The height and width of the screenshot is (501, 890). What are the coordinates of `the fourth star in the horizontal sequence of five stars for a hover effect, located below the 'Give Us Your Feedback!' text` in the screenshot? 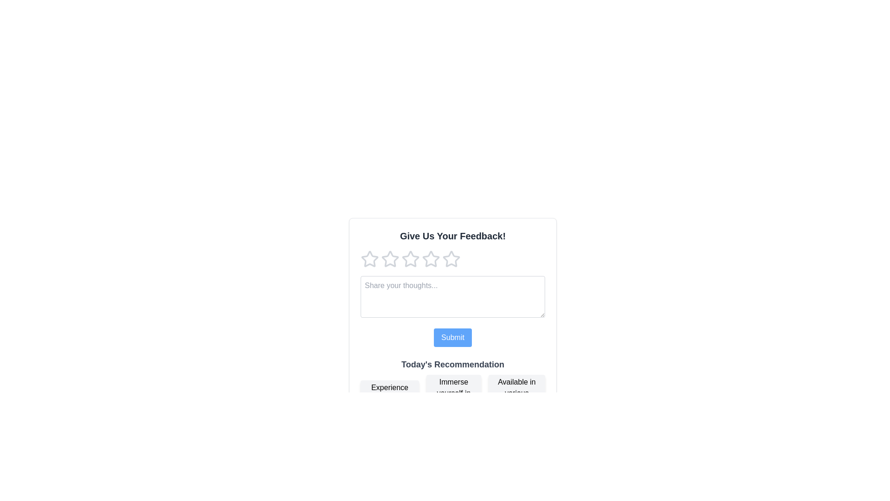 It's located at (451, 259).